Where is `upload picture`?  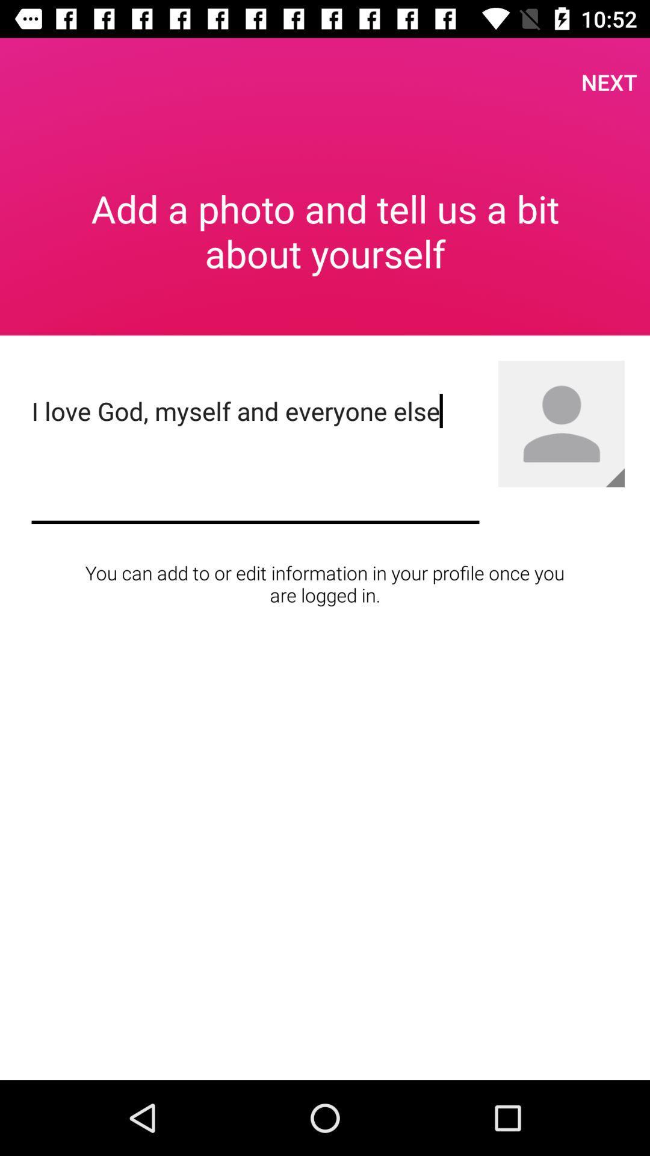 upload picture is located at coordinates (615, 477).